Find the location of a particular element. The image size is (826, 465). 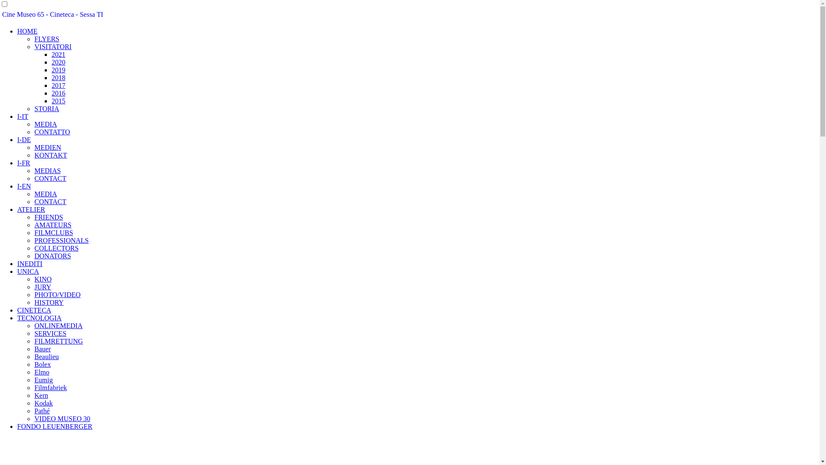

'2015' is located at coordinates (58, 100).